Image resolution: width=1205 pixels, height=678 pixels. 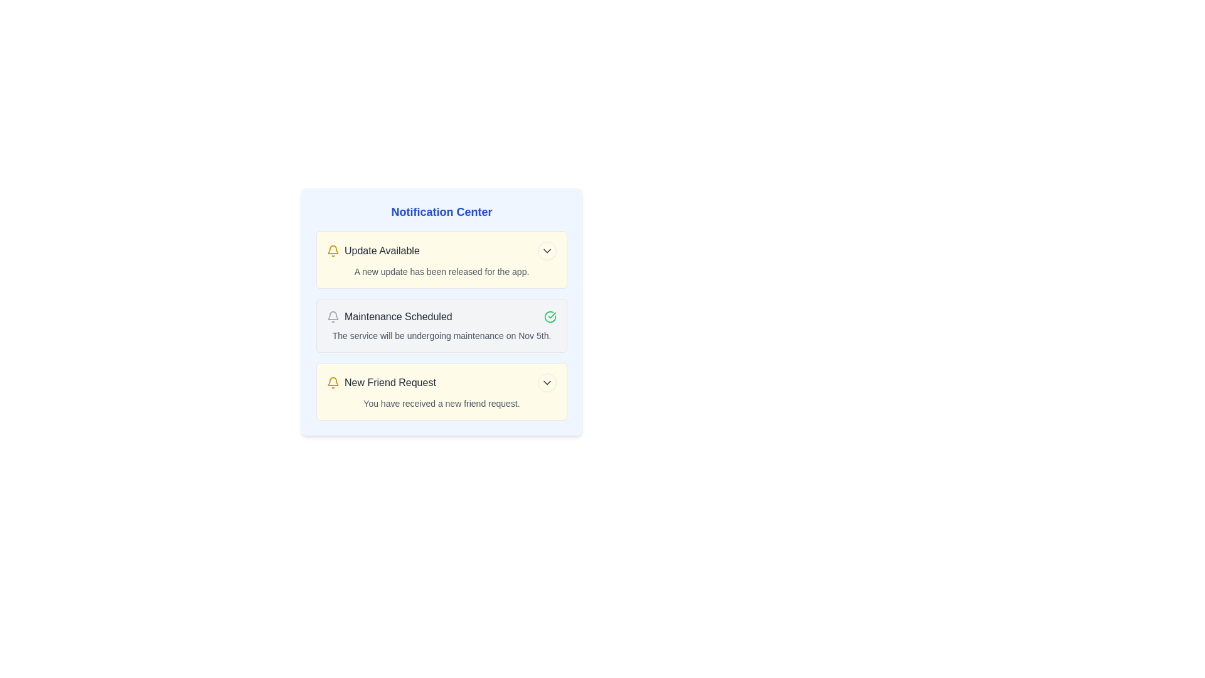 I want to click on the notification title or icon for New Friend Request, so click(x=333, y=382).